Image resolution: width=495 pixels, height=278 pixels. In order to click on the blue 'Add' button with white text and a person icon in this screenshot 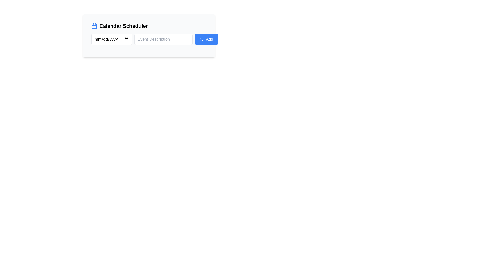, I will do `click(206, 39)`.